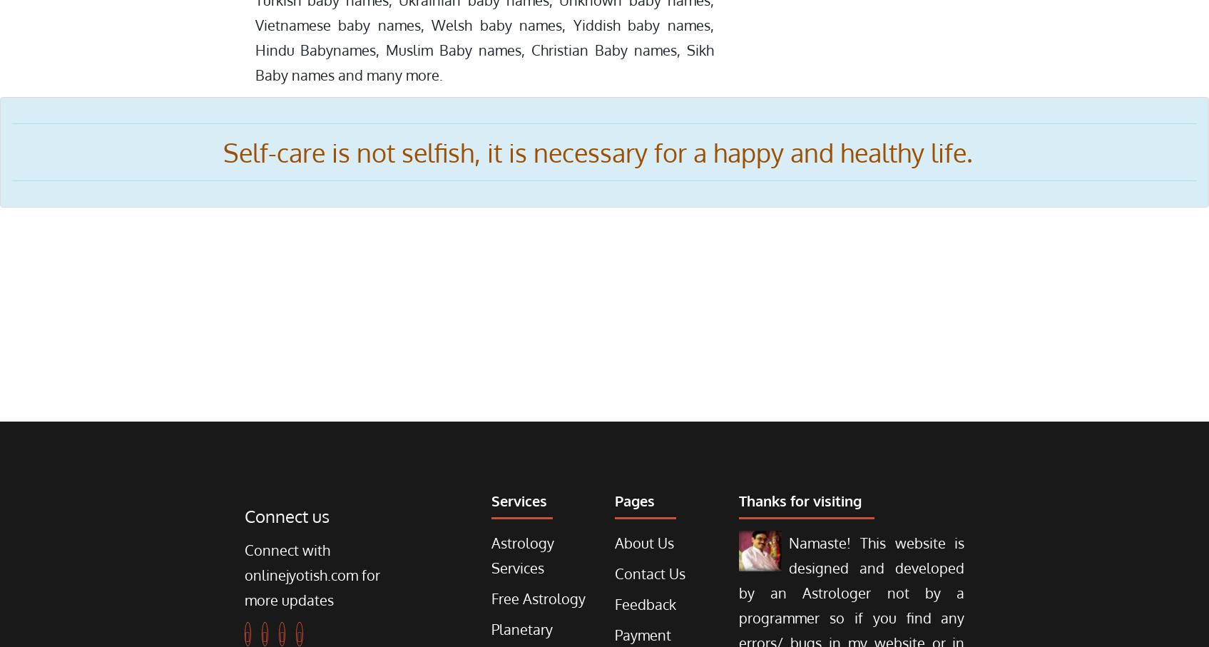 The image size is (1209, 647). What do you see at coordinates (634, 501) in the screenshot?
I see `'Pages'` at bounding box center [634, 501].